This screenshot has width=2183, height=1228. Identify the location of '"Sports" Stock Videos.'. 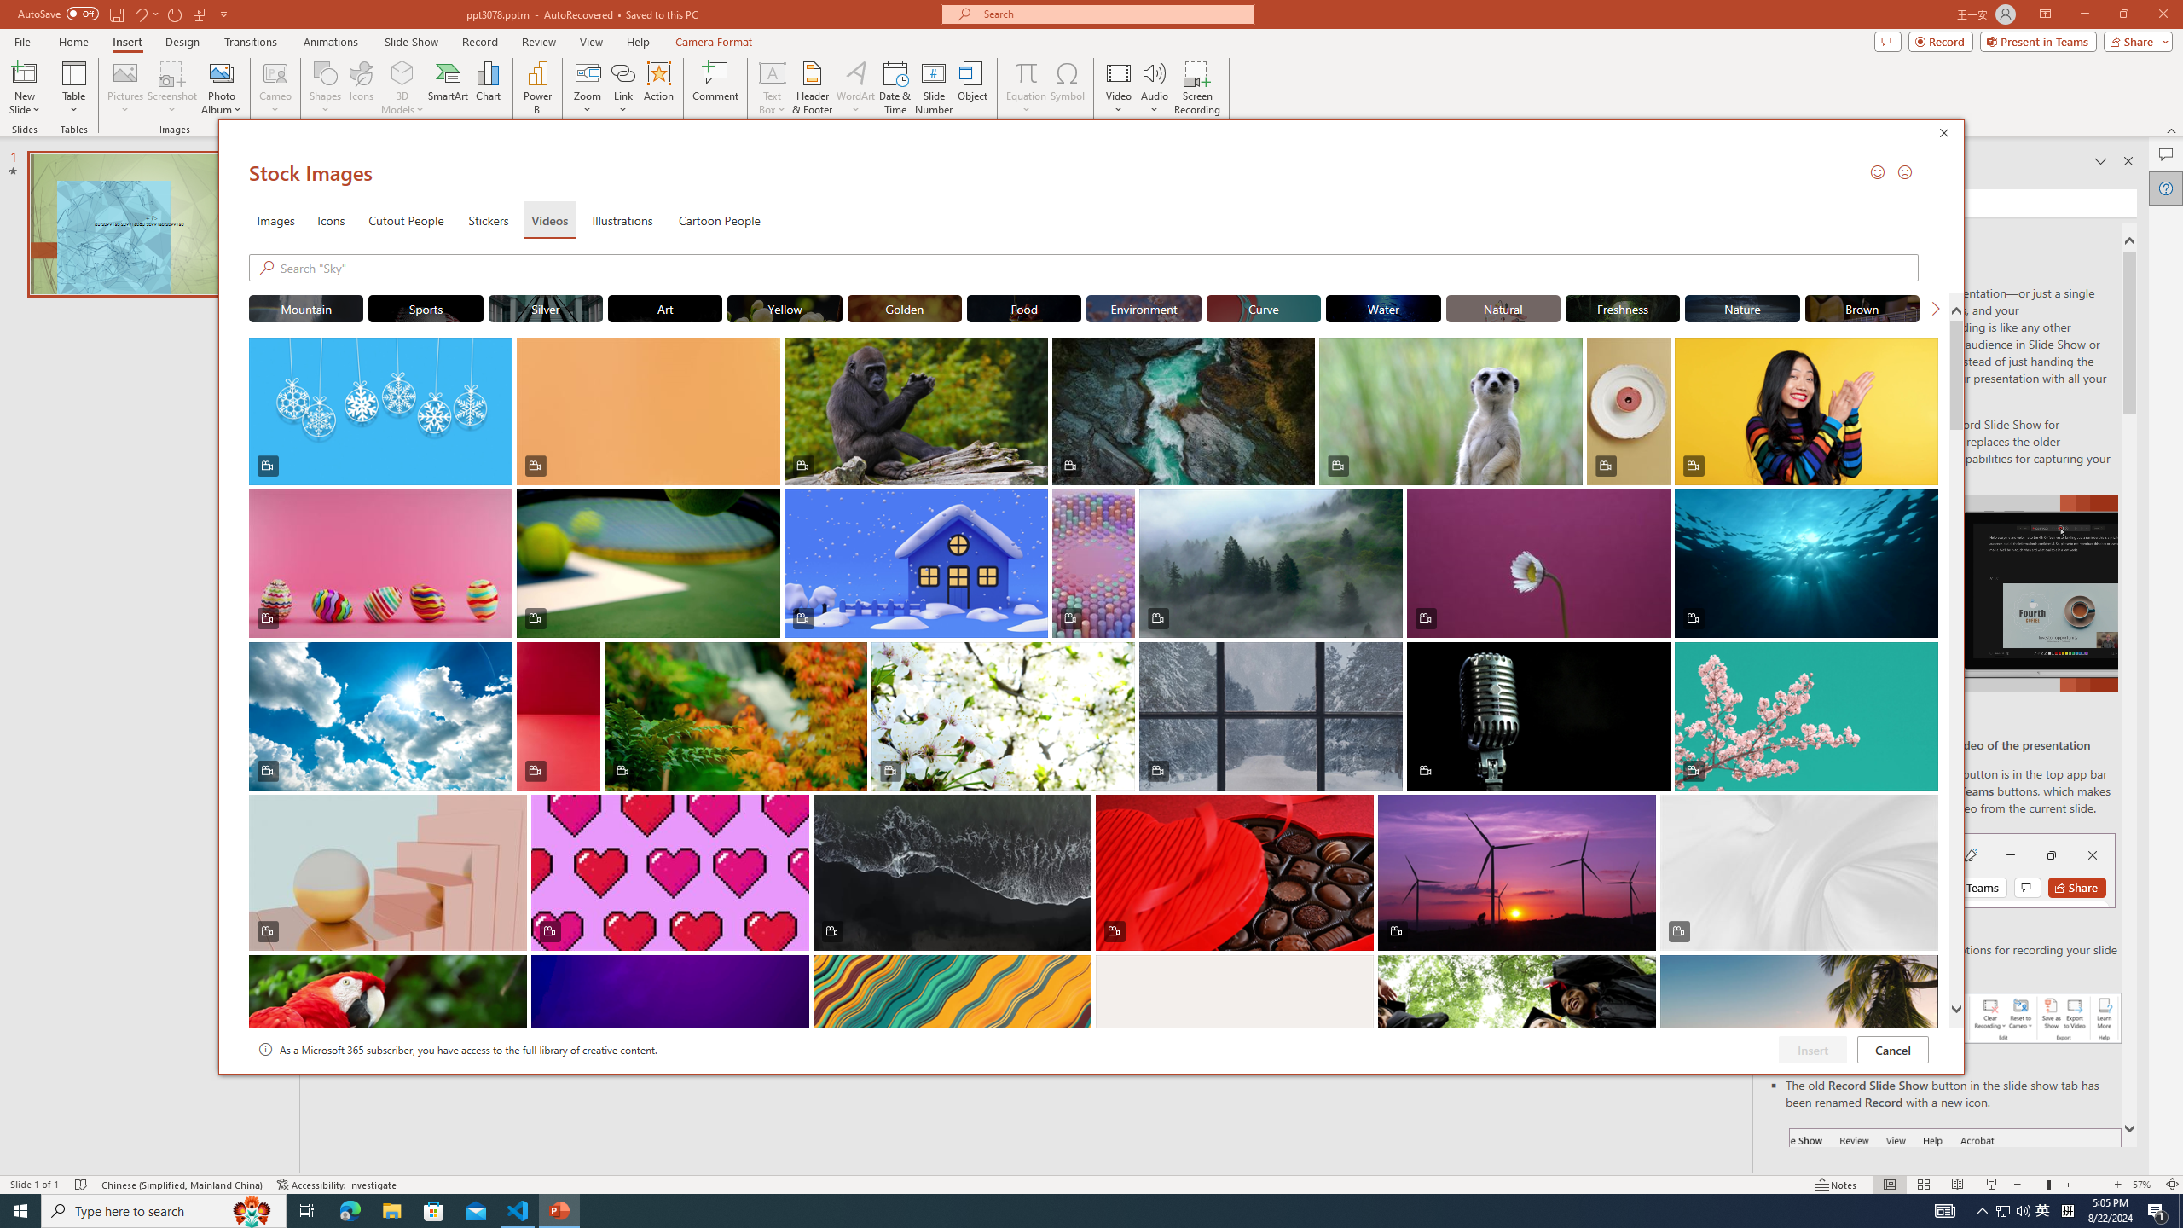
(425, 307).